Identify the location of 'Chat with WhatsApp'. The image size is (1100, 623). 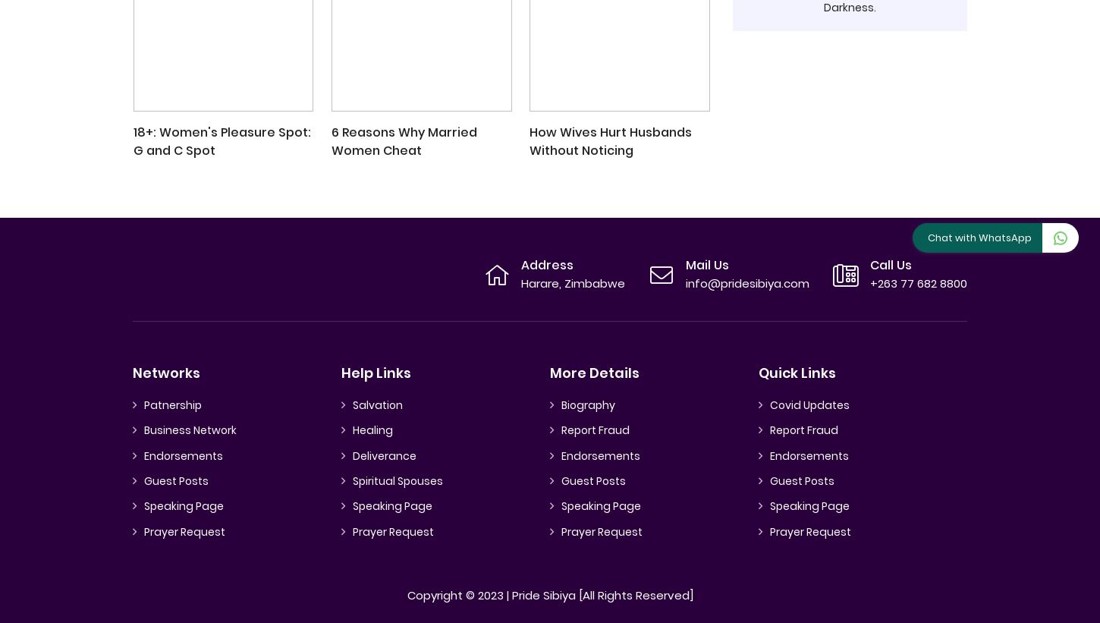
(979, 237).